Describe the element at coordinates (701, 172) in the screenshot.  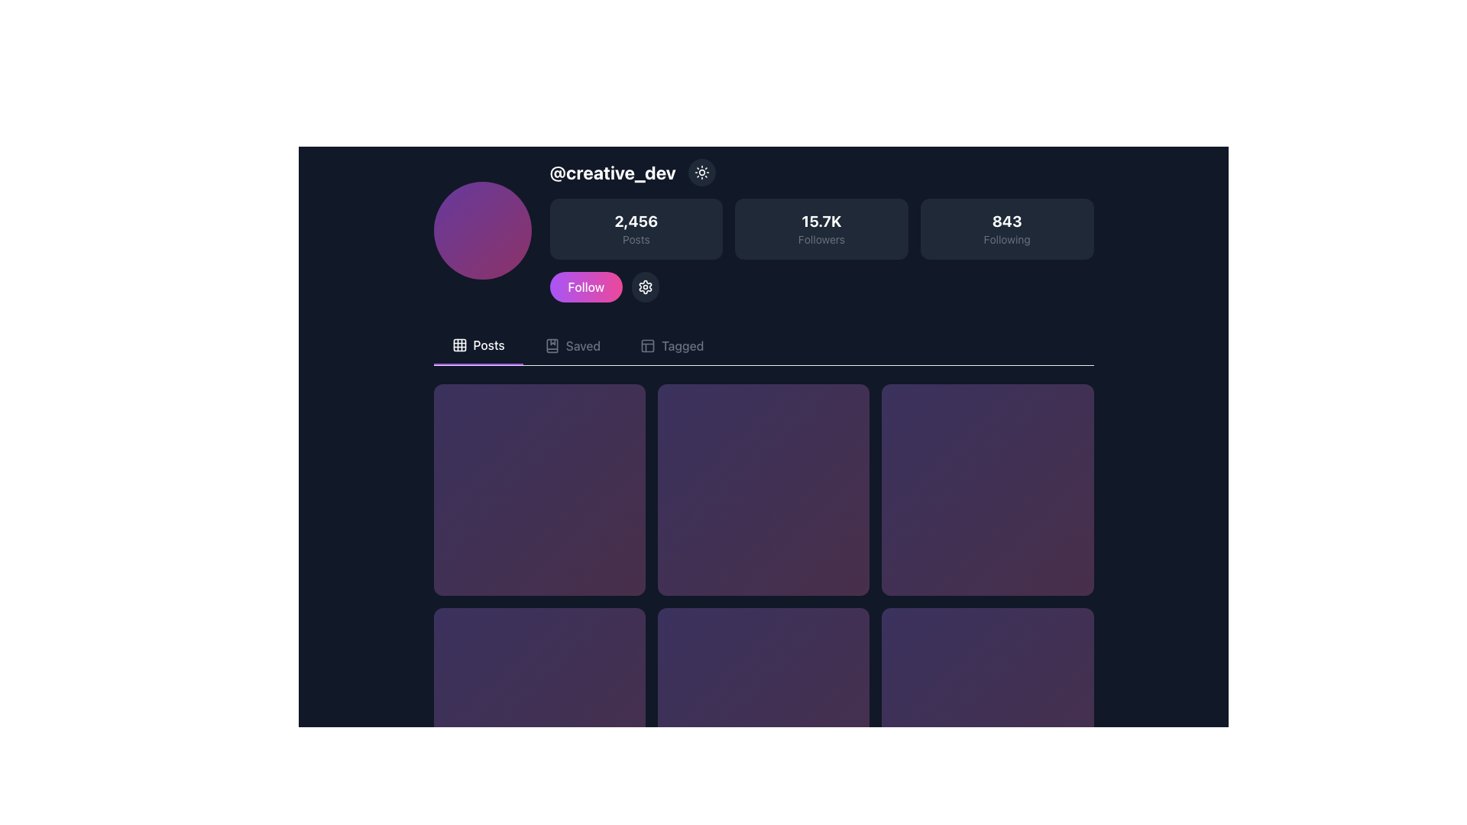
I see `the circular gray button with a sun icon` at that location.